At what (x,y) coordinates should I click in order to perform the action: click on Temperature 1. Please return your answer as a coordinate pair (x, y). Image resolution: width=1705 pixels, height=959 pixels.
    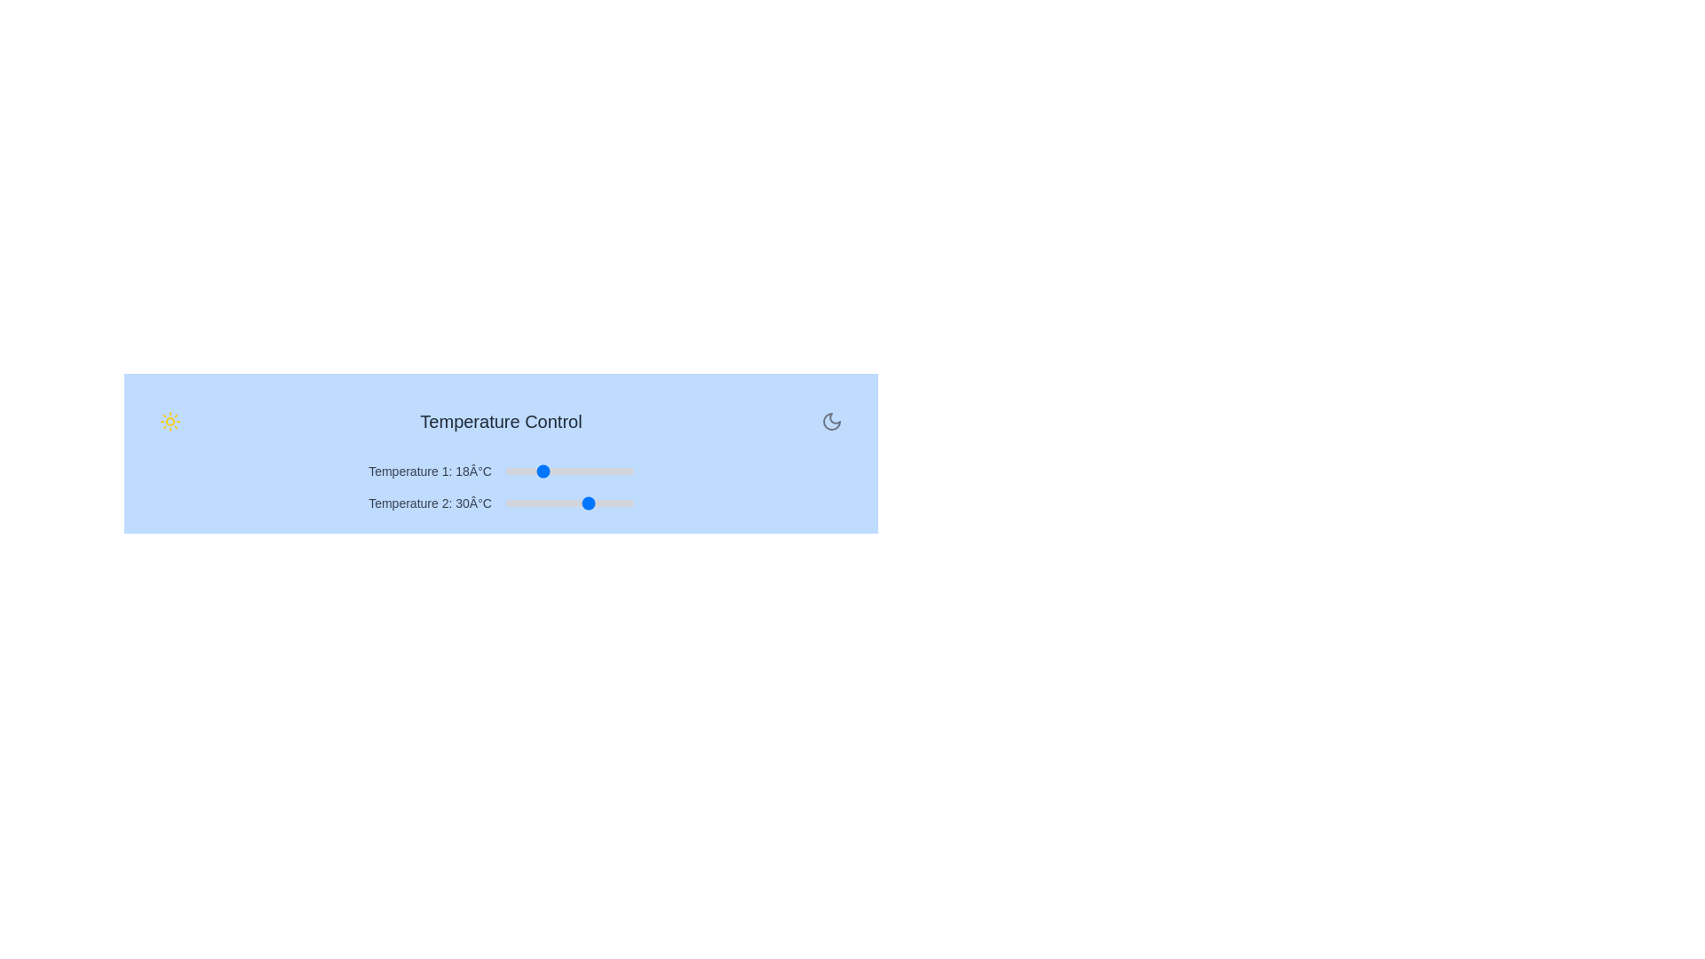
    Looking at the image, I should click on (509, 471).